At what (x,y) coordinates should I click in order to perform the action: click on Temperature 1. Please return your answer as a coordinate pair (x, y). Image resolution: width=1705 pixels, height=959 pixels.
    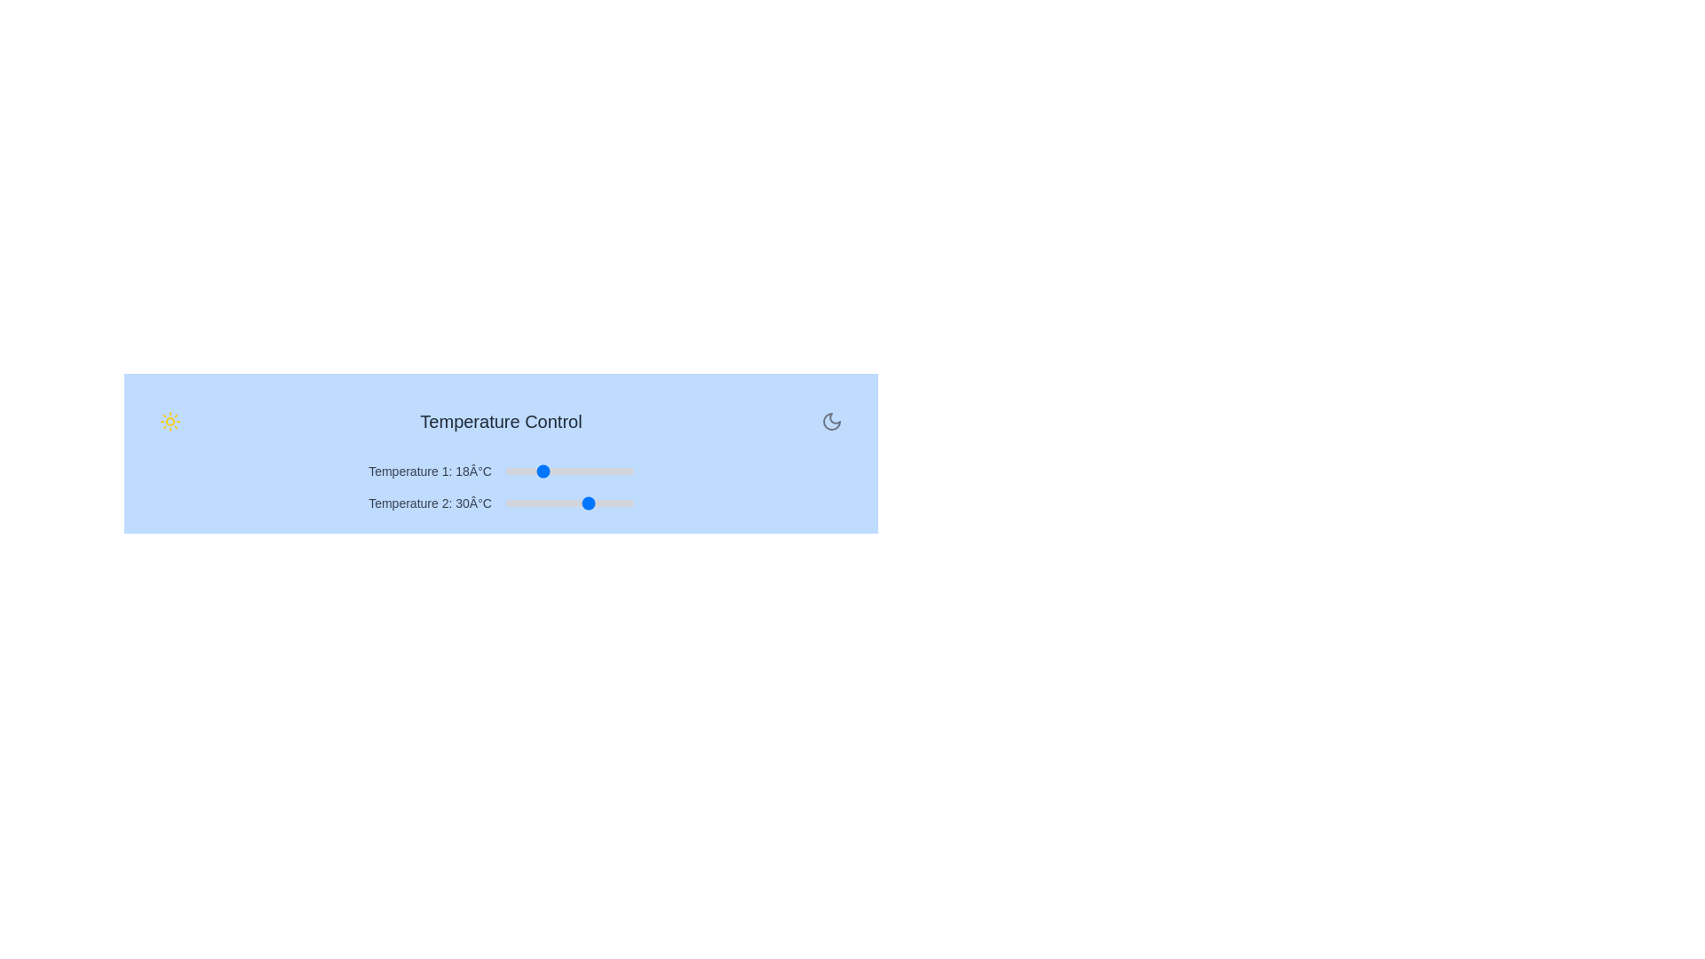
    Looking at the image, I should click on (509, 471).